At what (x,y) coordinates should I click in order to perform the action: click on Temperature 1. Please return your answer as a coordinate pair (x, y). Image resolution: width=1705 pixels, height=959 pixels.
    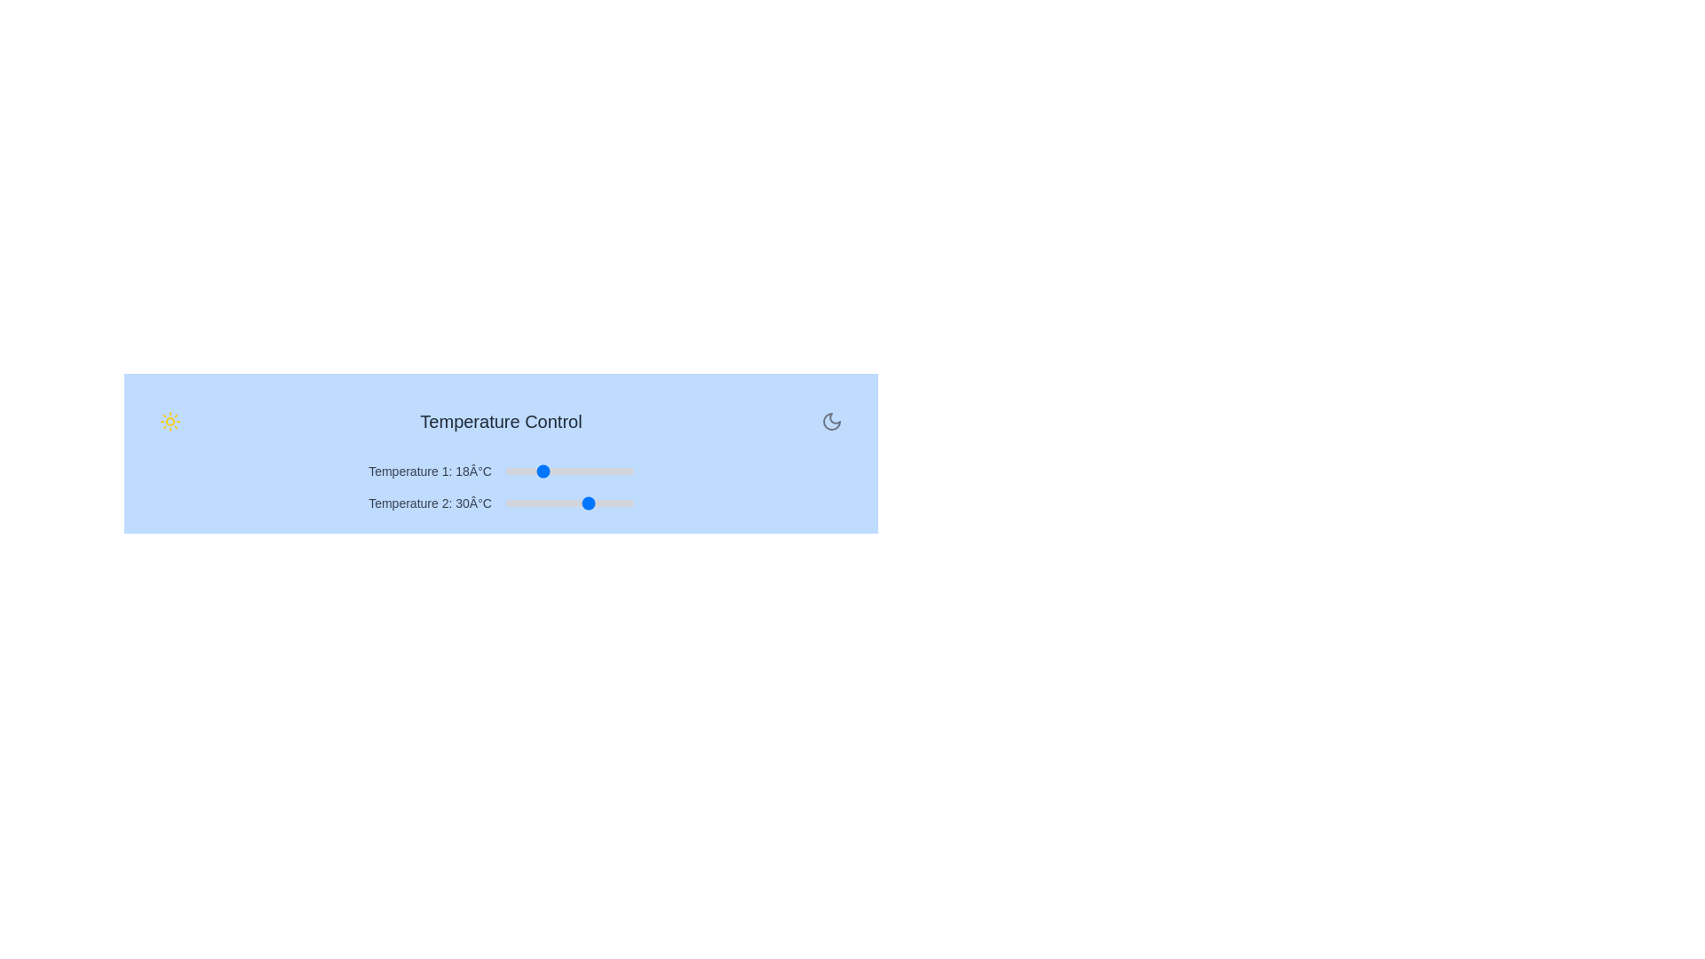
    Looking at the image, I should click on (509, 471).